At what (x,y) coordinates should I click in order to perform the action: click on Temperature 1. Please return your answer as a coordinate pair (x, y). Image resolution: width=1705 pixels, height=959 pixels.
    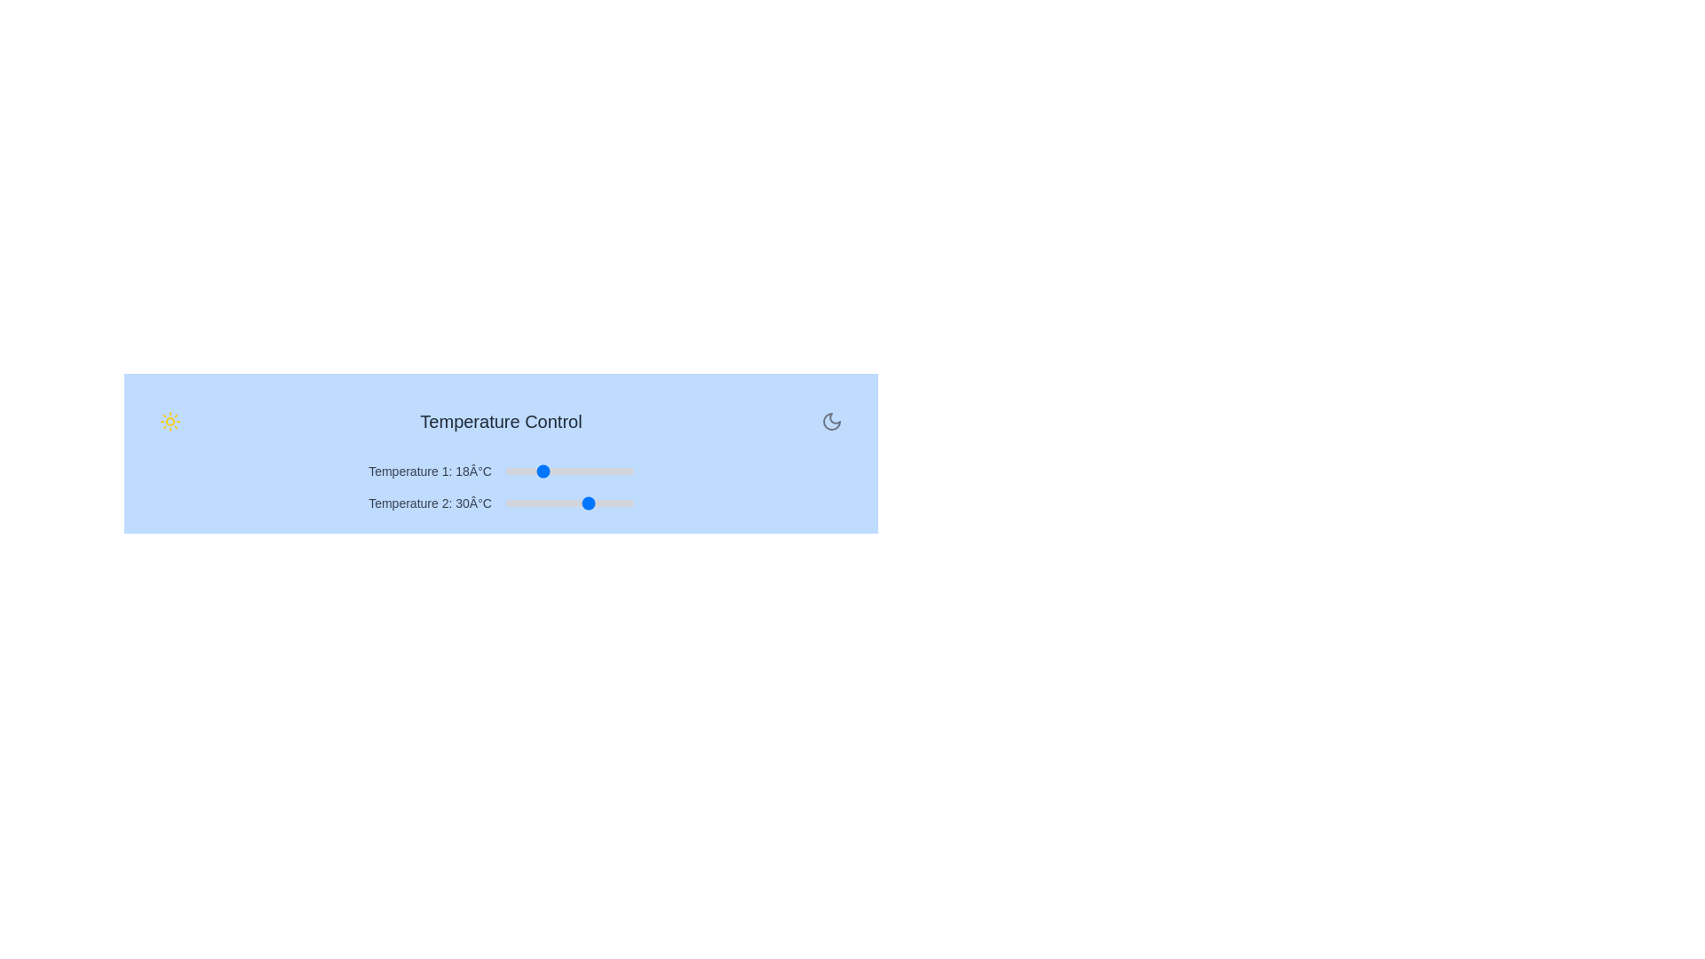
    Looking at the image, I should click on (509, 471).